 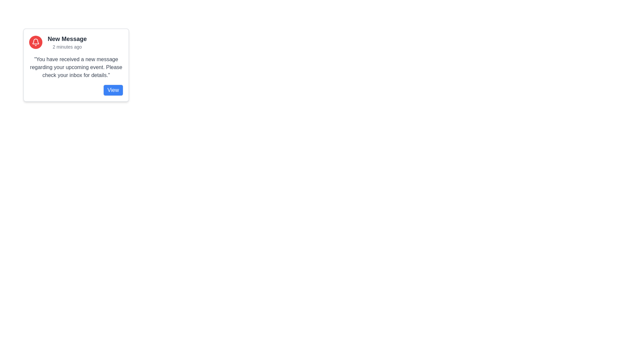 I want to click on message details from the Text Block located below the 'New Message' heading and above the 'View' button, so click(x=76, y=67).